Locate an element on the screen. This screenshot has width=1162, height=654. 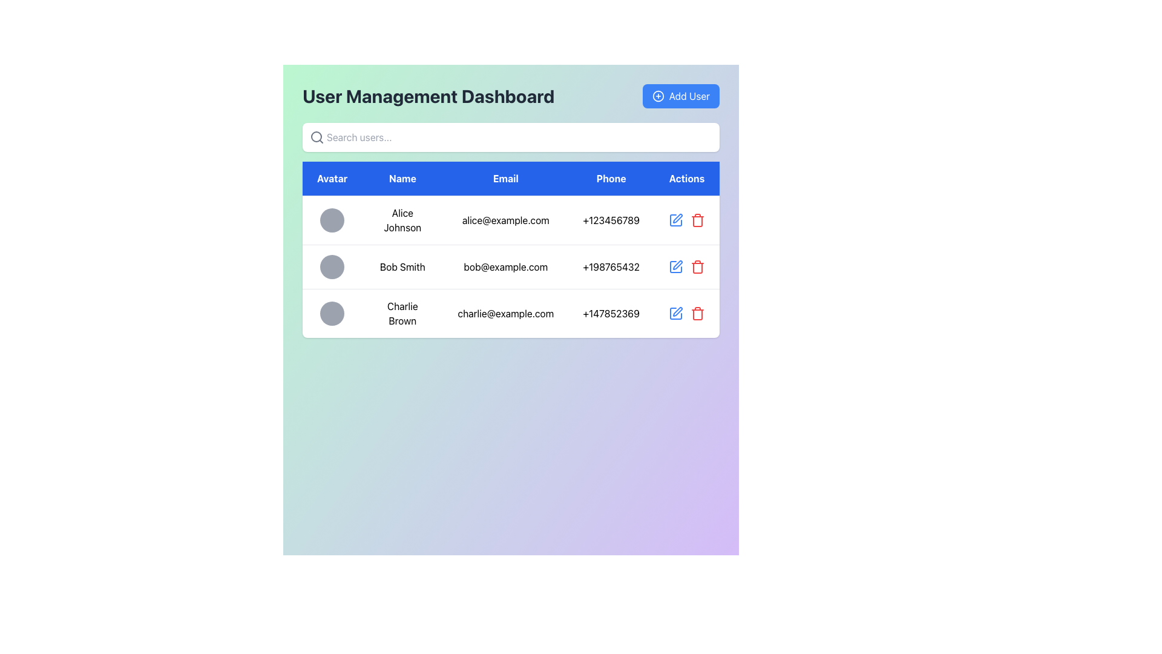
the static text field displaying the phone number '+147852369' for user 'Charlie Brown' in the user details table is located at coordinates (611, 312).